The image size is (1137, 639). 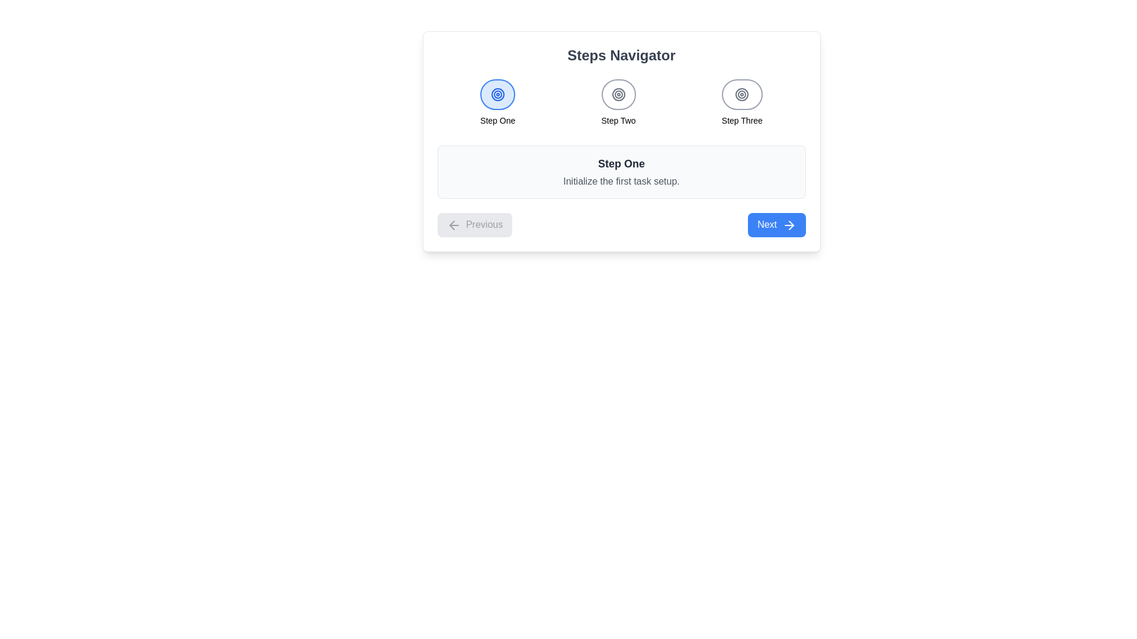 I want to click on the 'Previous' button located in the bottom-left section of the navigation component, so click(x=474, y=225).